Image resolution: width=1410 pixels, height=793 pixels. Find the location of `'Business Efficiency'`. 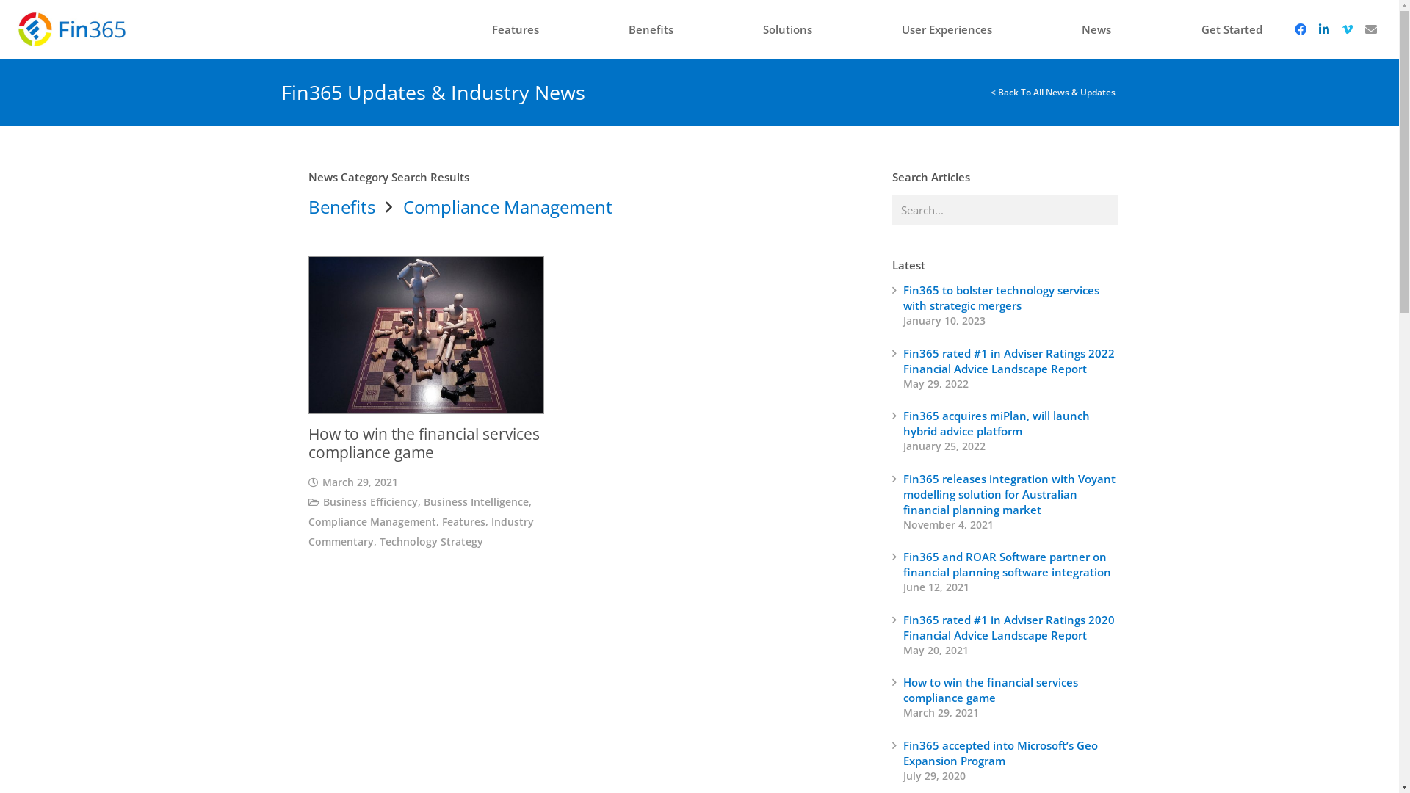

'Business Efficiency' is located at coordinates (370, 501).